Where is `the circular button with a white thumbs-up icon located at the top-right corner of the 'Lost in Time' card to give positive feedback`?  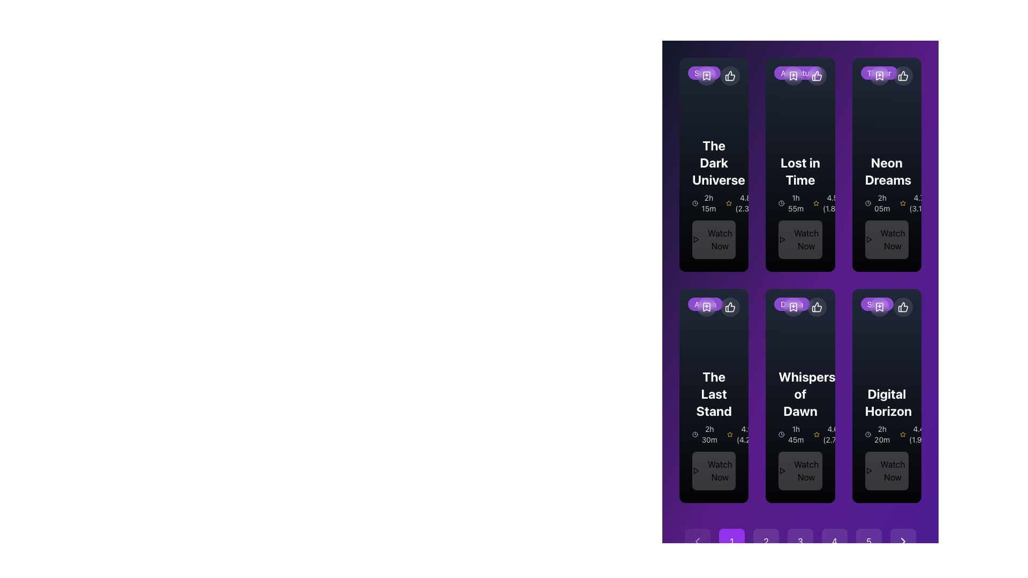
the circular button with a white thumbs-up icon located at the top-right corner of the 'Lost in Time' card to give positive feedback is located at coordinates (816, 75).